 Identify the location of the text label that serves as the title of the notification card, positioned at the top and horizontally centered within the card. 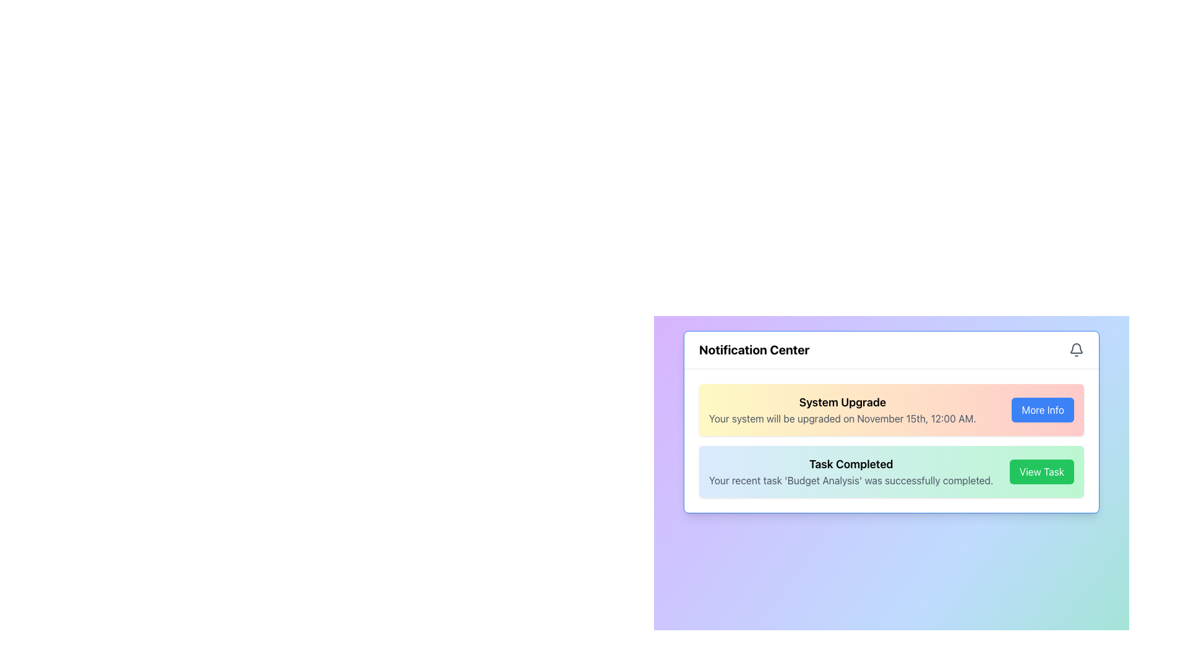
(841, 403).